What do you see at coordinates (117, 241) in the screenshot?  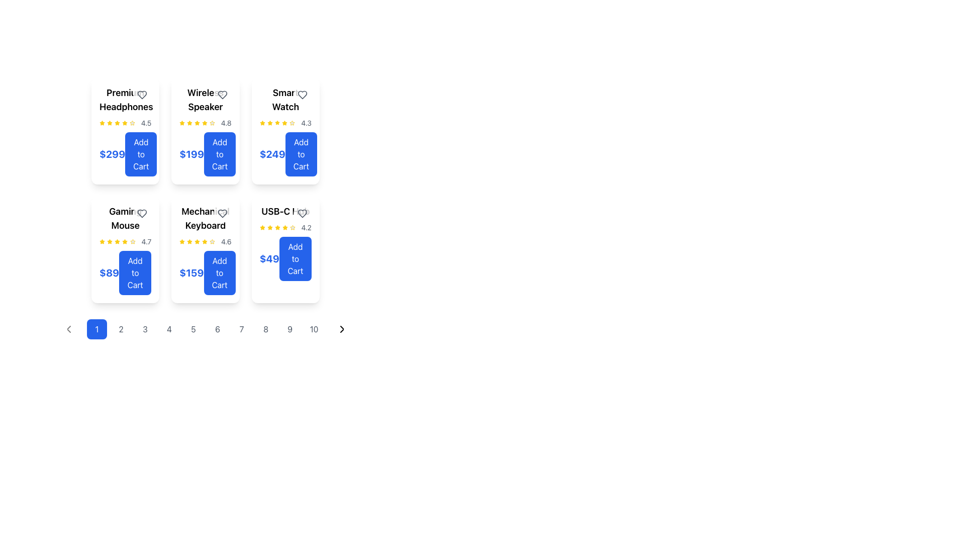 I see `the yellow star icon used for rating the 'Gamin Mouse' product, which is located in the second row, first column of the grid layout` at bounding box center [117, 241].